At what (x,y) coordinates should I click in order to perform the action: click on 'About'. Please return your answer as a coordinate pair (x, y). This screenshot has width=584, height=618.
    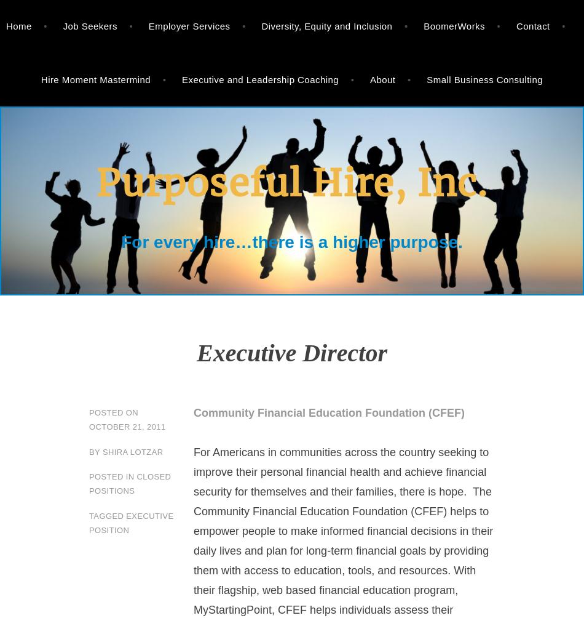
    Looking at the image, I should click on (382, 78).